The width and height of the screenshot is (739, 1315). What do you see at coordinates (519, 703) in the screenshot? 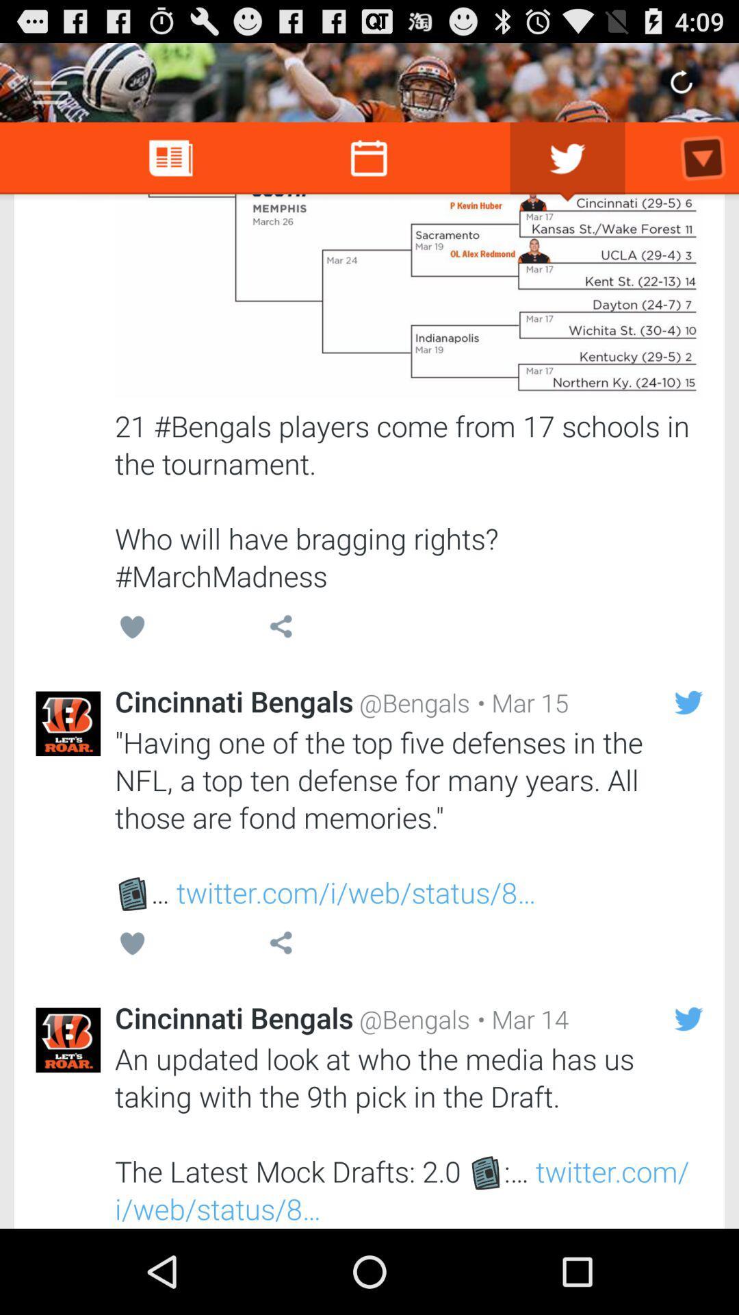
I see `the item to the right of the @bengals item` at bounding box center [519, 703].